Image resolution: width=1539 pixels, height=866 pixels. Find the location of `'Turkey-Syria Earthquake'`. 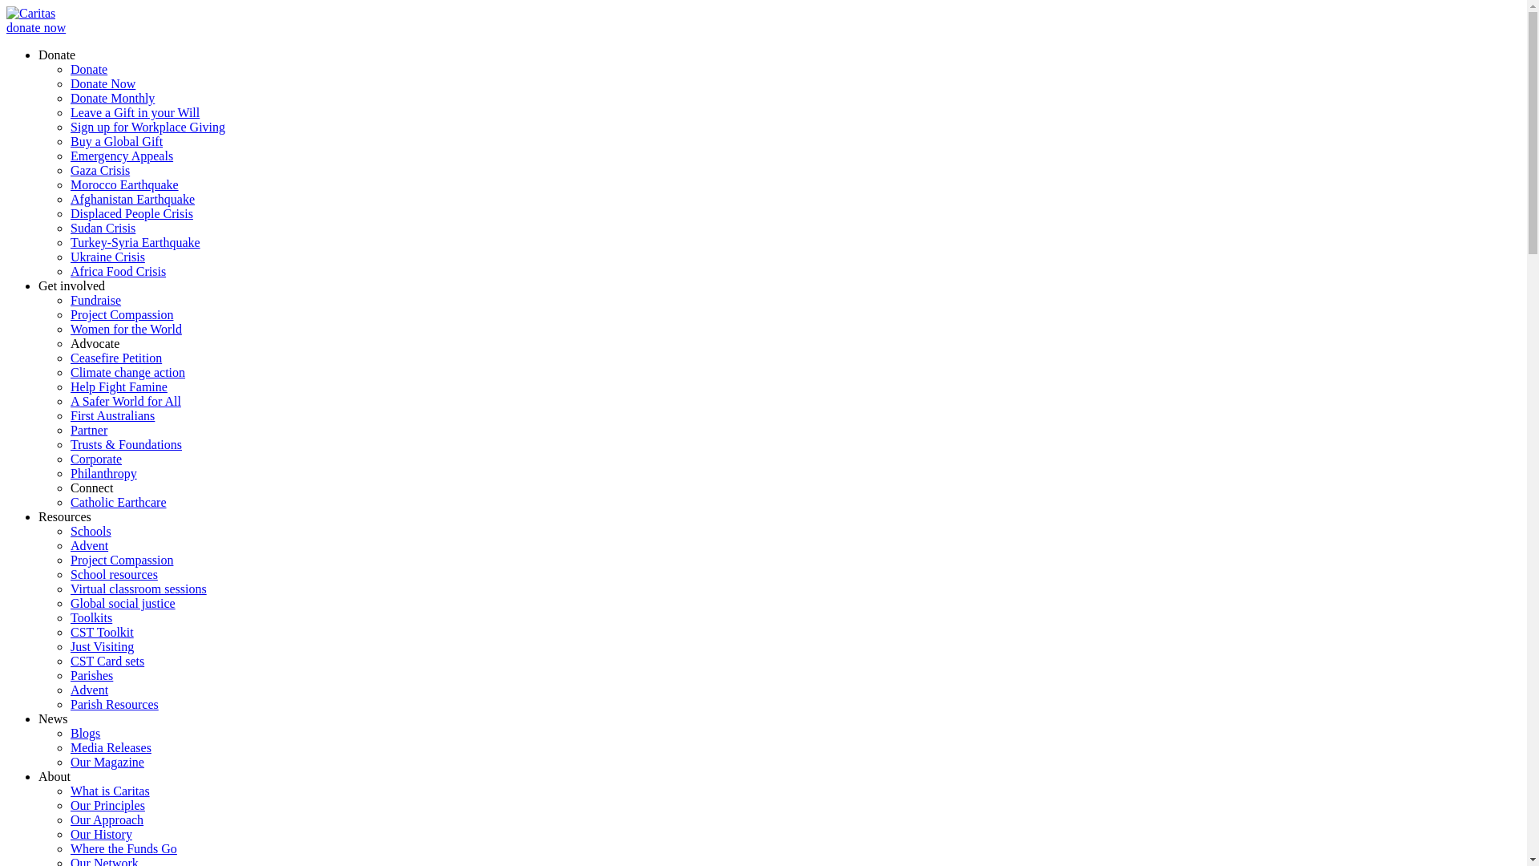

'Turkey-Syria Earthquake' is located at coordinates (135, 242).